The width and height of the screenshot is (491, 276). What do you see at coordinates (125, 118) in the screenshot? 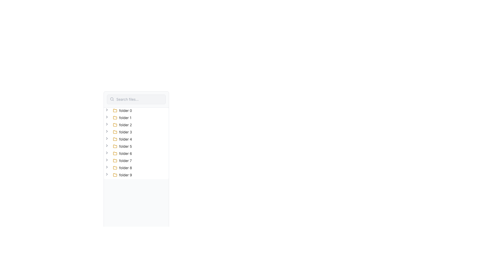
I see `the label displaying 'folder 1' which is located` at bounding box center [125, 118].